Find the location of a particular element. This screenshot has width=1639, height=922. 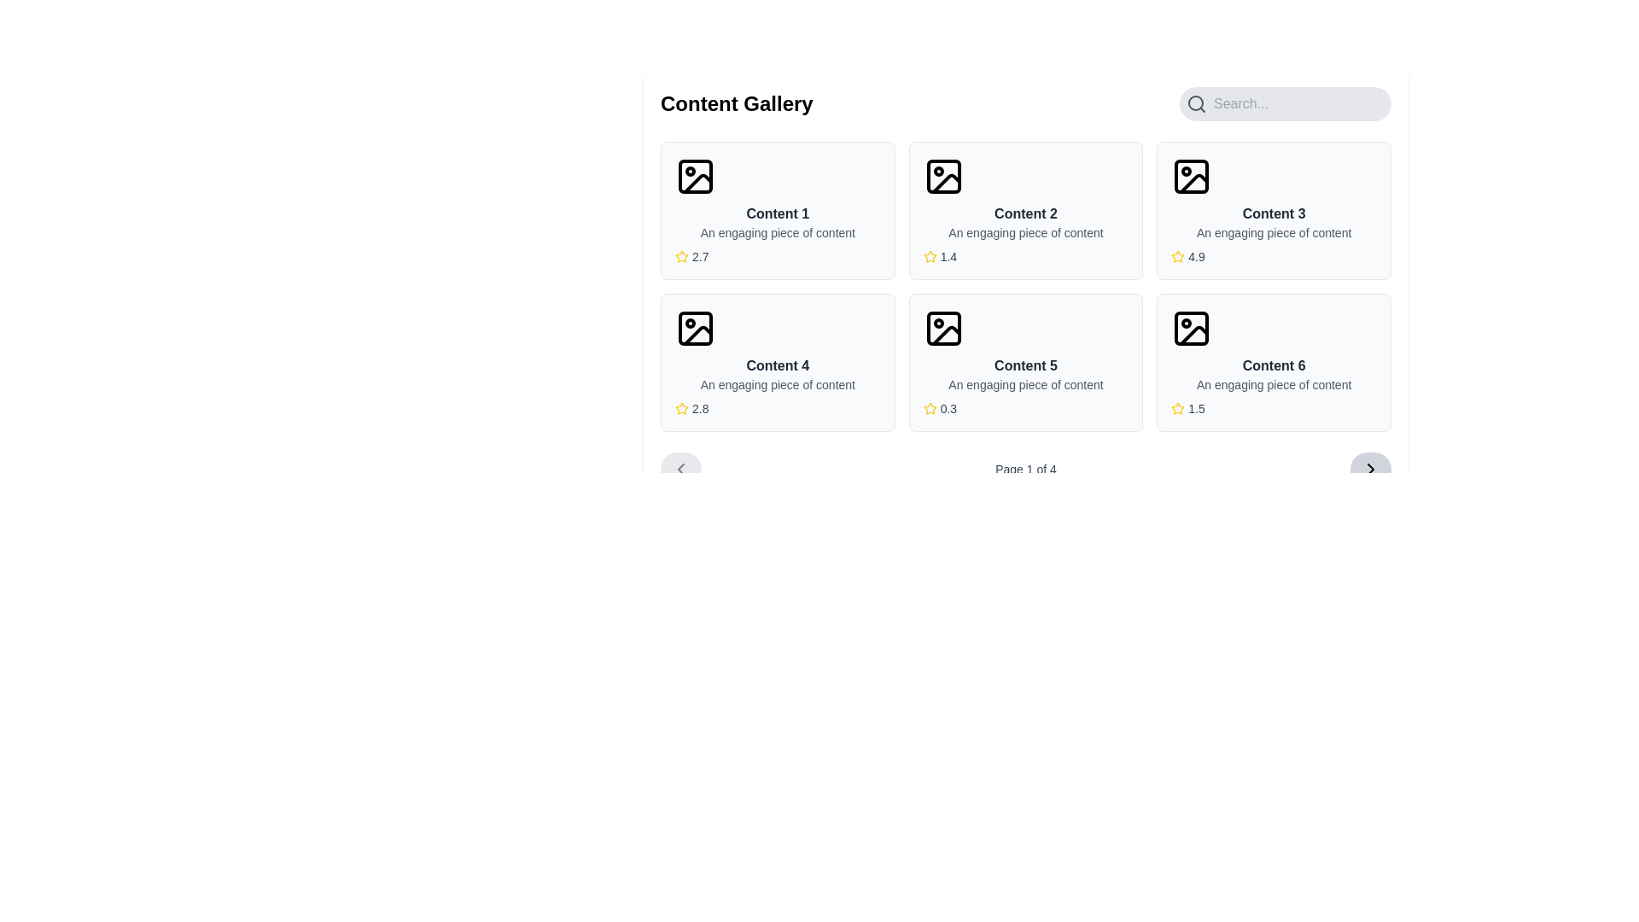

the SVG icon located at the top left portion of the card representing 'Content 3', which features a small circle and a diagonal line, by moving the cursor over it is located at coordinates (1191, 177).